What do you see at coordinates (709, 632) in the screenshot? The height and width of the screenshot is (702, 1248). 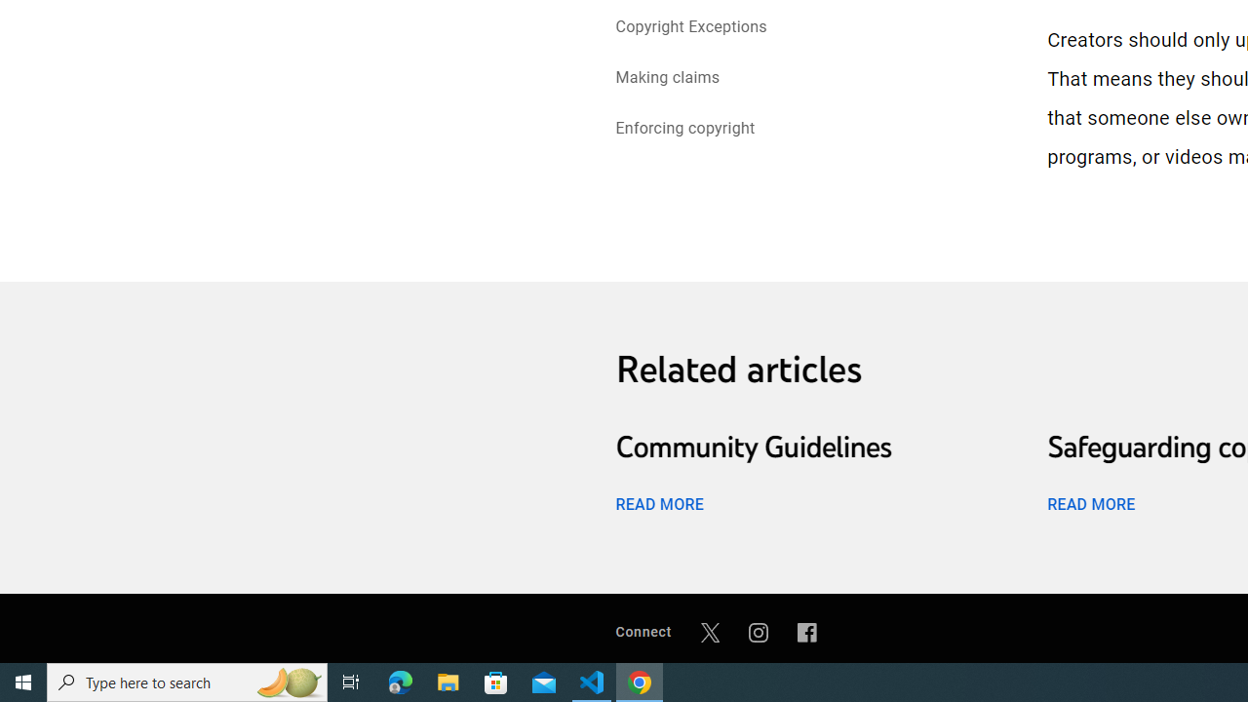 I see `'Twitter'` at bounding box center [709, 632].